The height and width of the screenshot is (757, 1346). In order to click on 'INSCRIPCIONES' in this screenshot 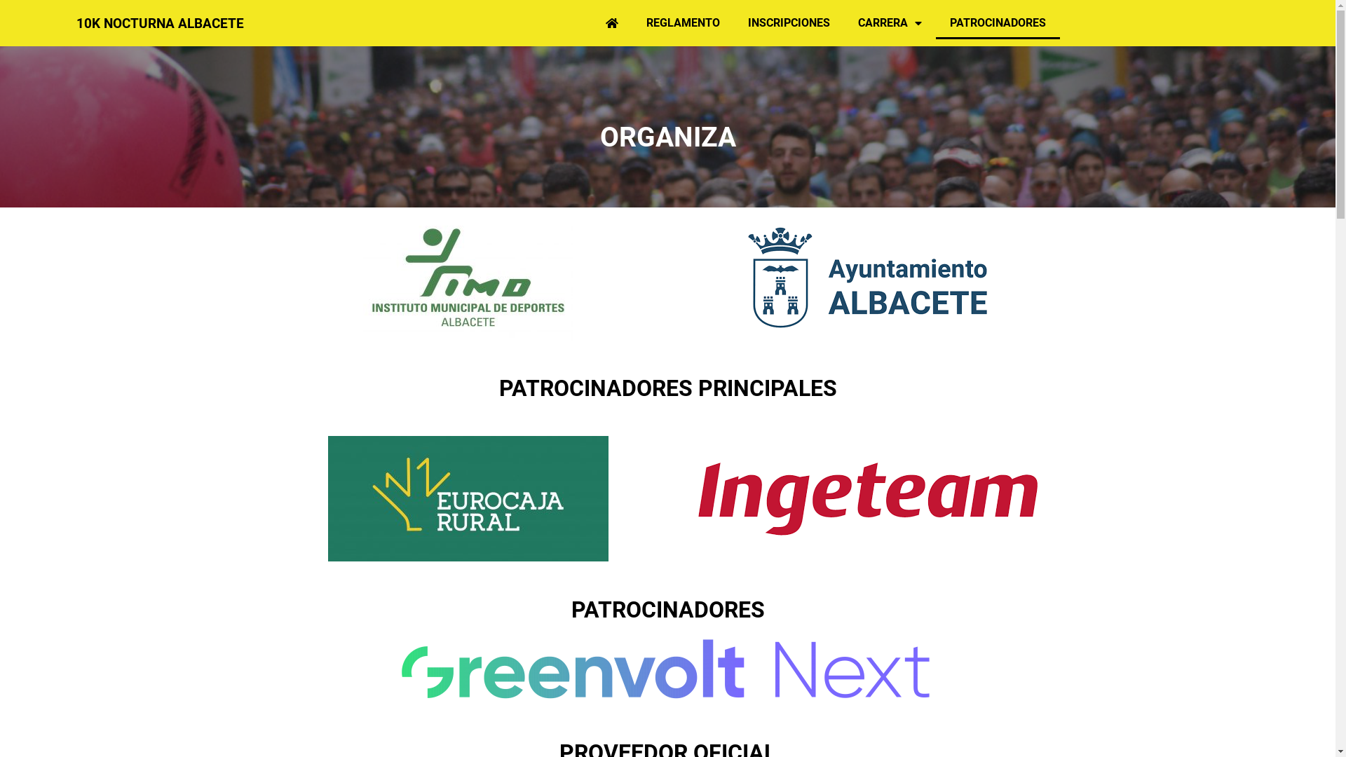, I will do `click(789, 23)`.